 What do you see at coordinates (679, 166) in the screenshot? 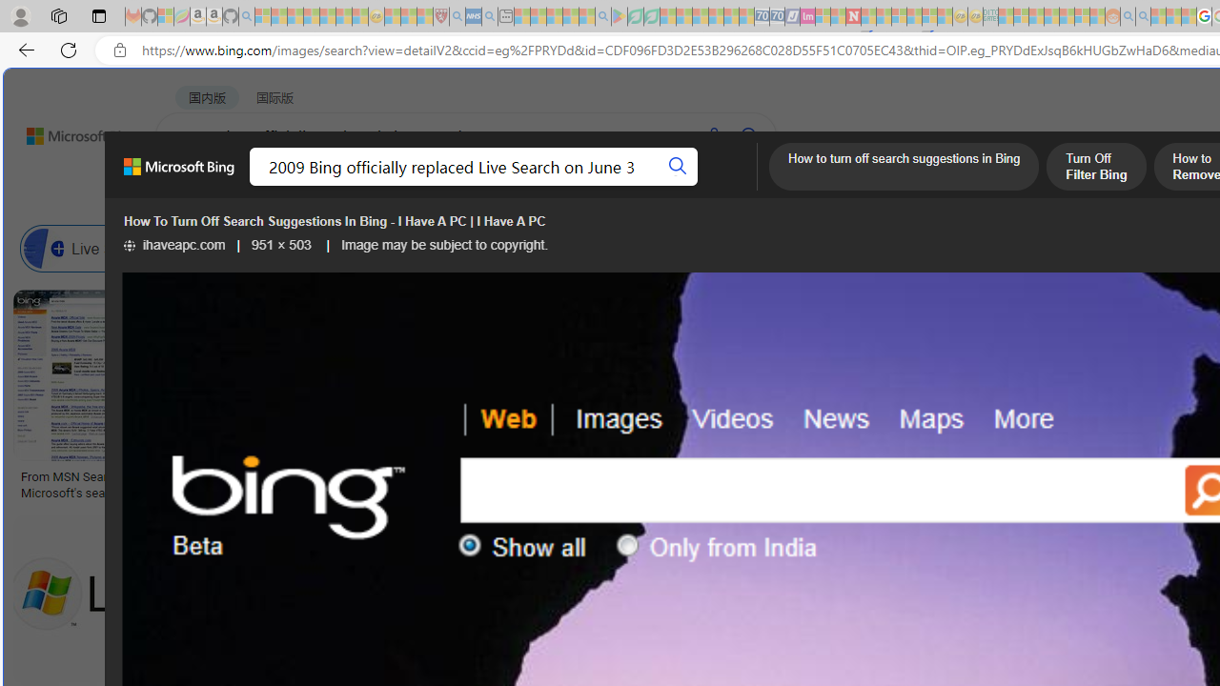
I see `'Search button'` at bounding box center [679, 166].